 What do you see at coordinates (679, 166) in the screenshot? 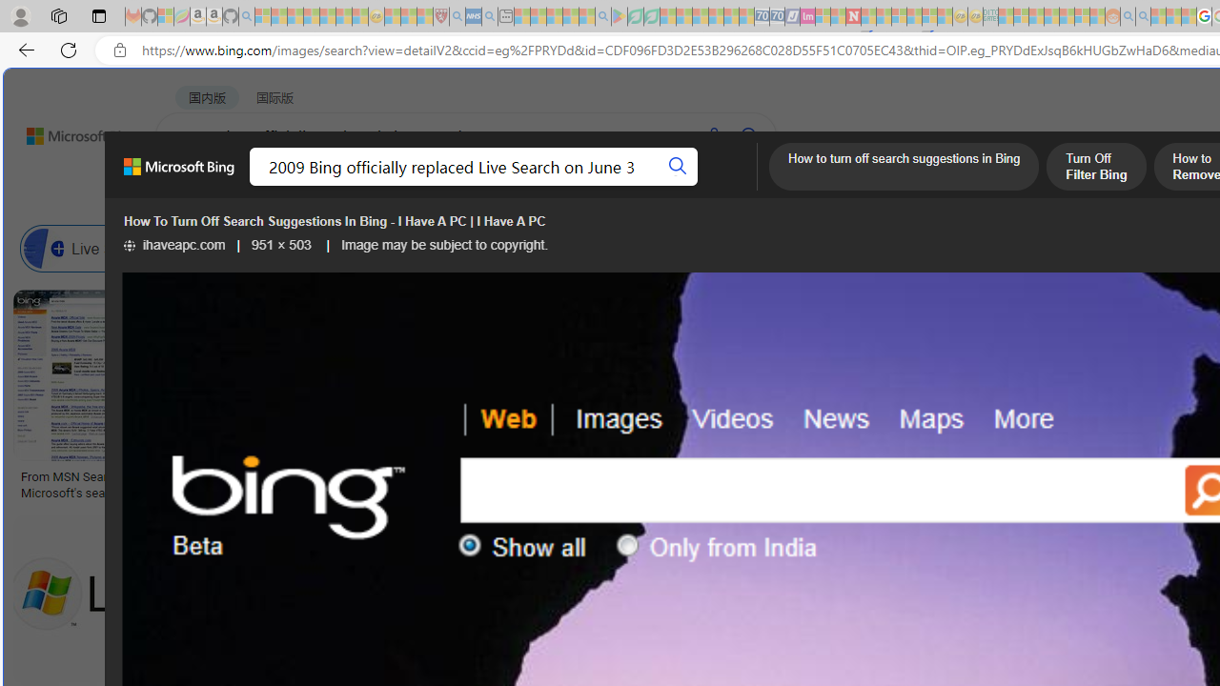
I see `'Search button'` at bounding box center [679, 166].